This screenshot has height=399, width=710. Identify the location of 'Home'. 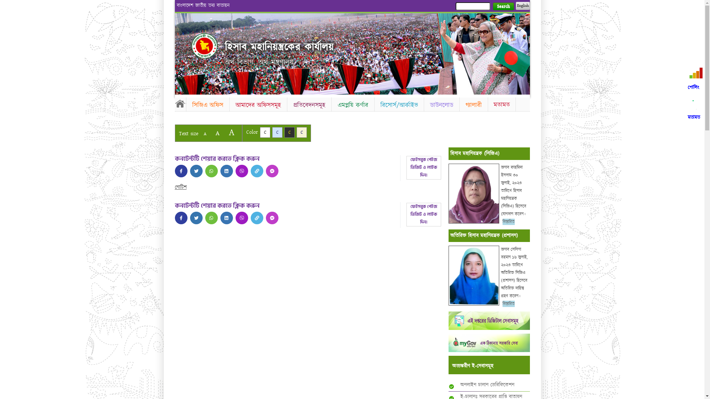
(204, 45).